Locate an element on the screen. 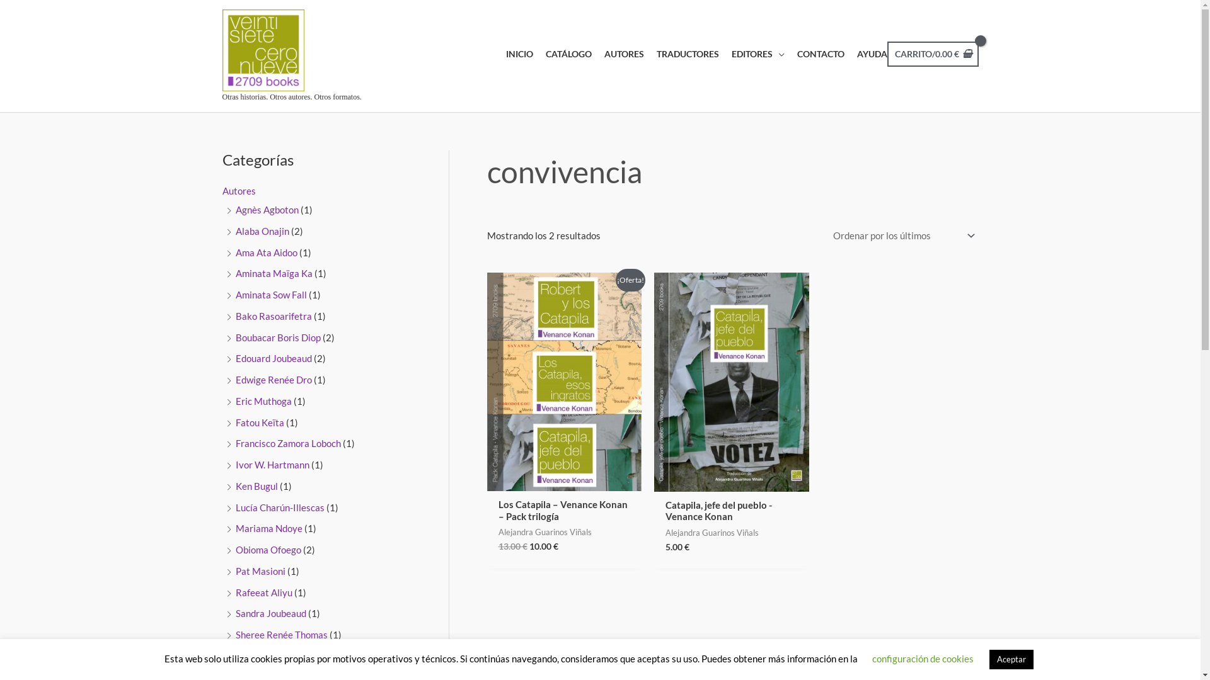 Image resolution: width=1210 pixels, height=680 pixels. 'Autores' is located at coordinates (238, 191).